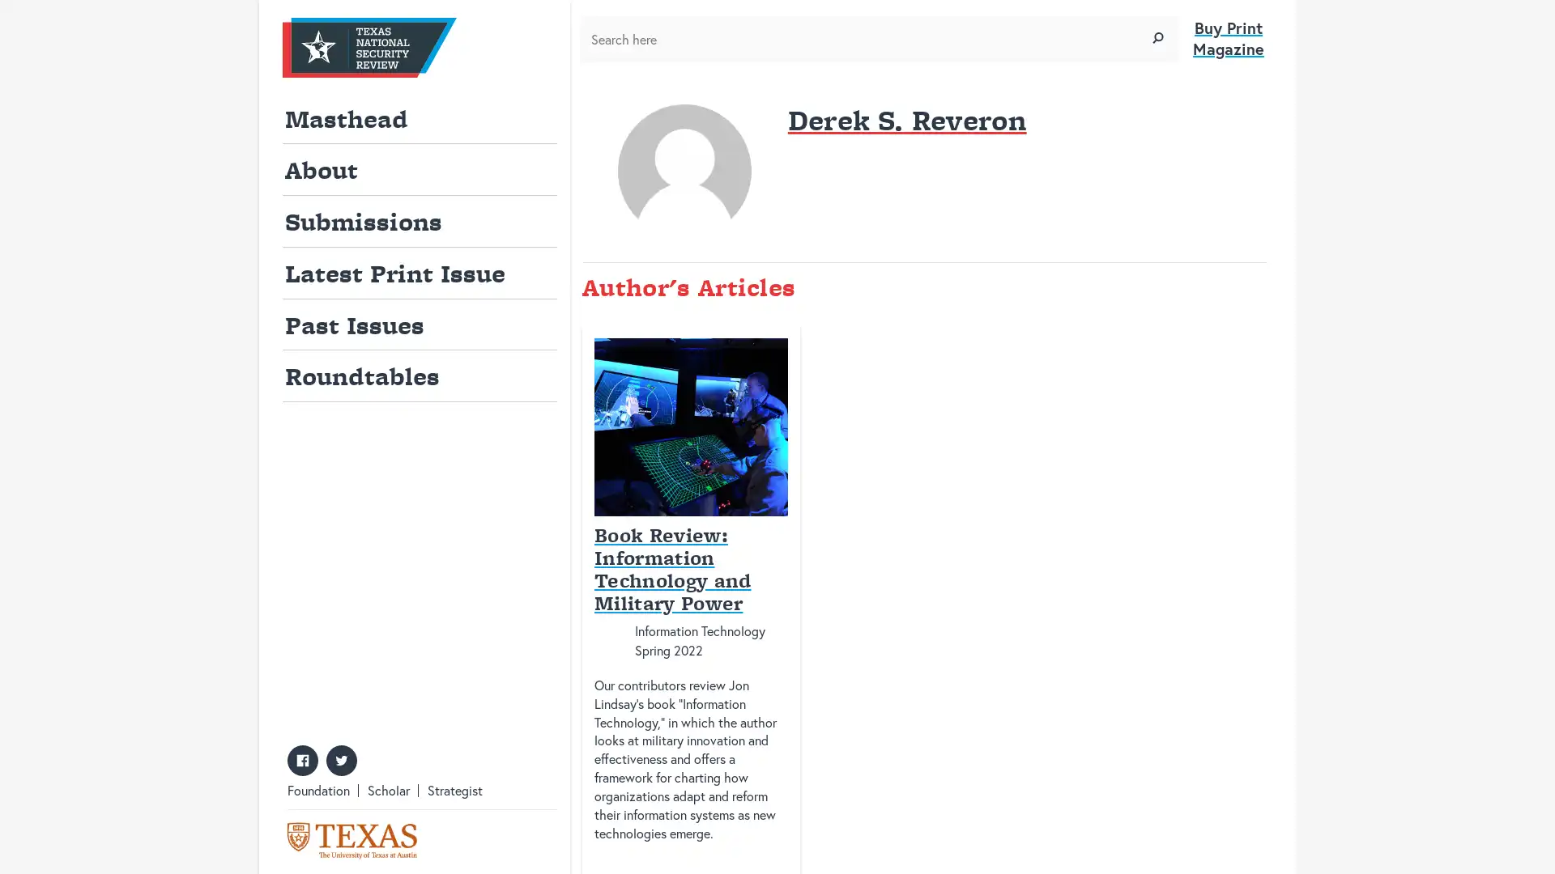 This screenshot has width=1555, height=874. What do you see at coordinates (1157, 37) in the screenshot?
I see `zoom` at bounding box center [1157, 37].